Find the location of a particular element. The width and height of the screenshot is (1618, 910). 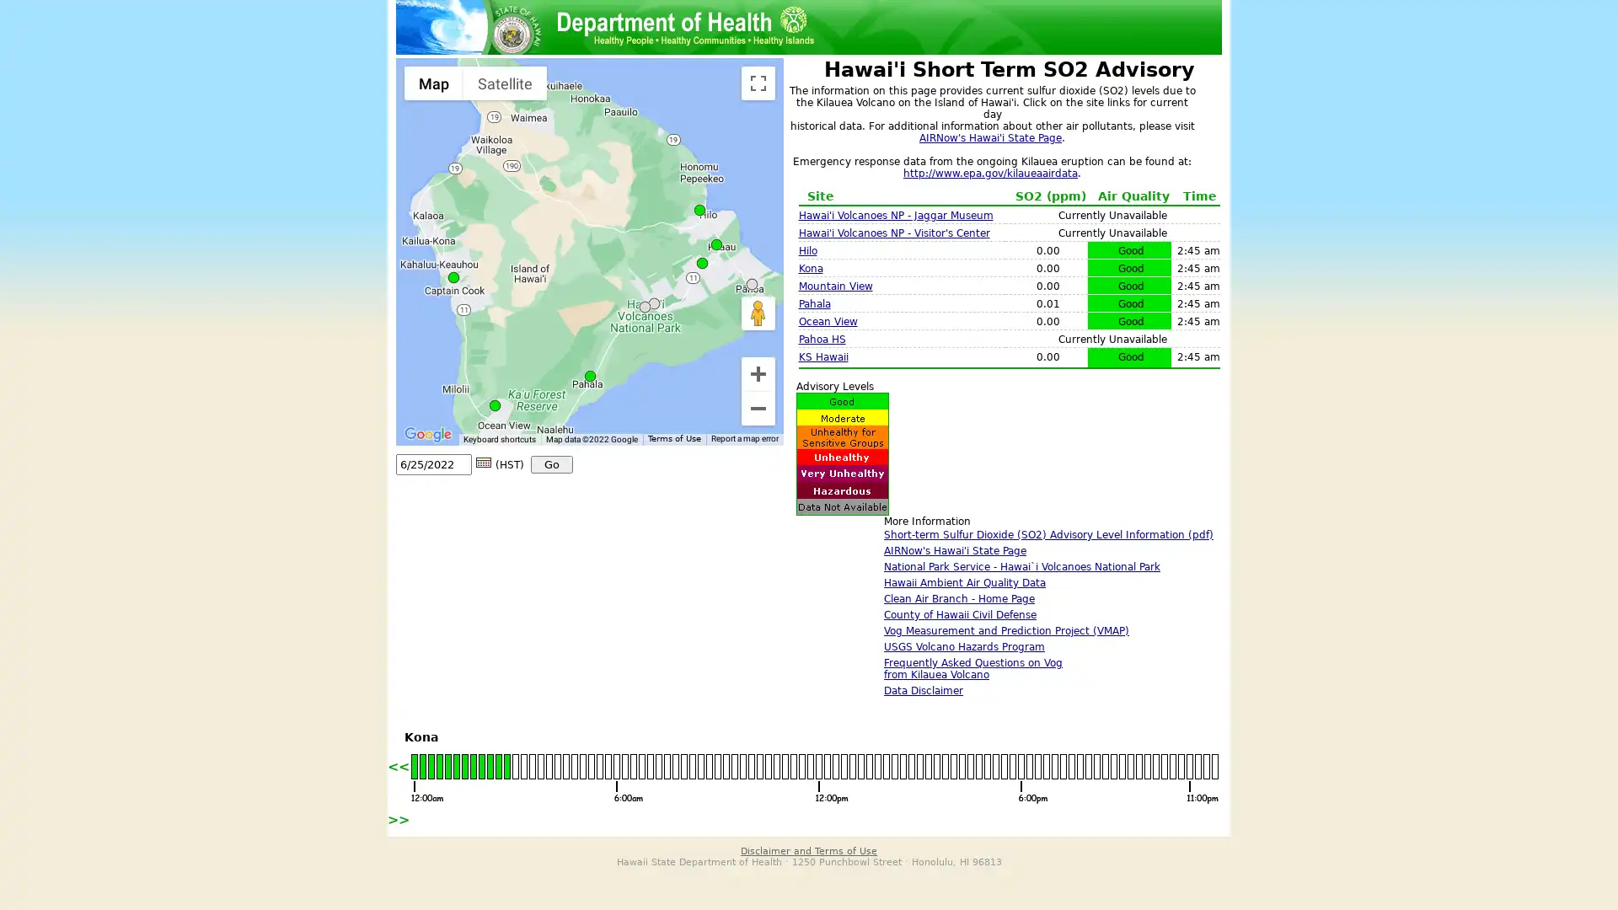

Ocean View: SO2 0.00 ppm (Good) on 06/25 at 02:45 am is located at coordinates (494, 405).